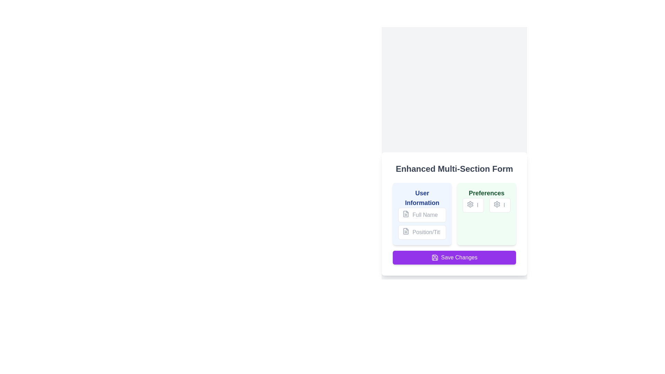  Describe the element at coordinates (434, 258) in the screenshot. I see `the save icon represented as a simplistic outline of a floppy disk, which is centered within the purple 'Save Changes' button at the bottom of the form interface` at that location.